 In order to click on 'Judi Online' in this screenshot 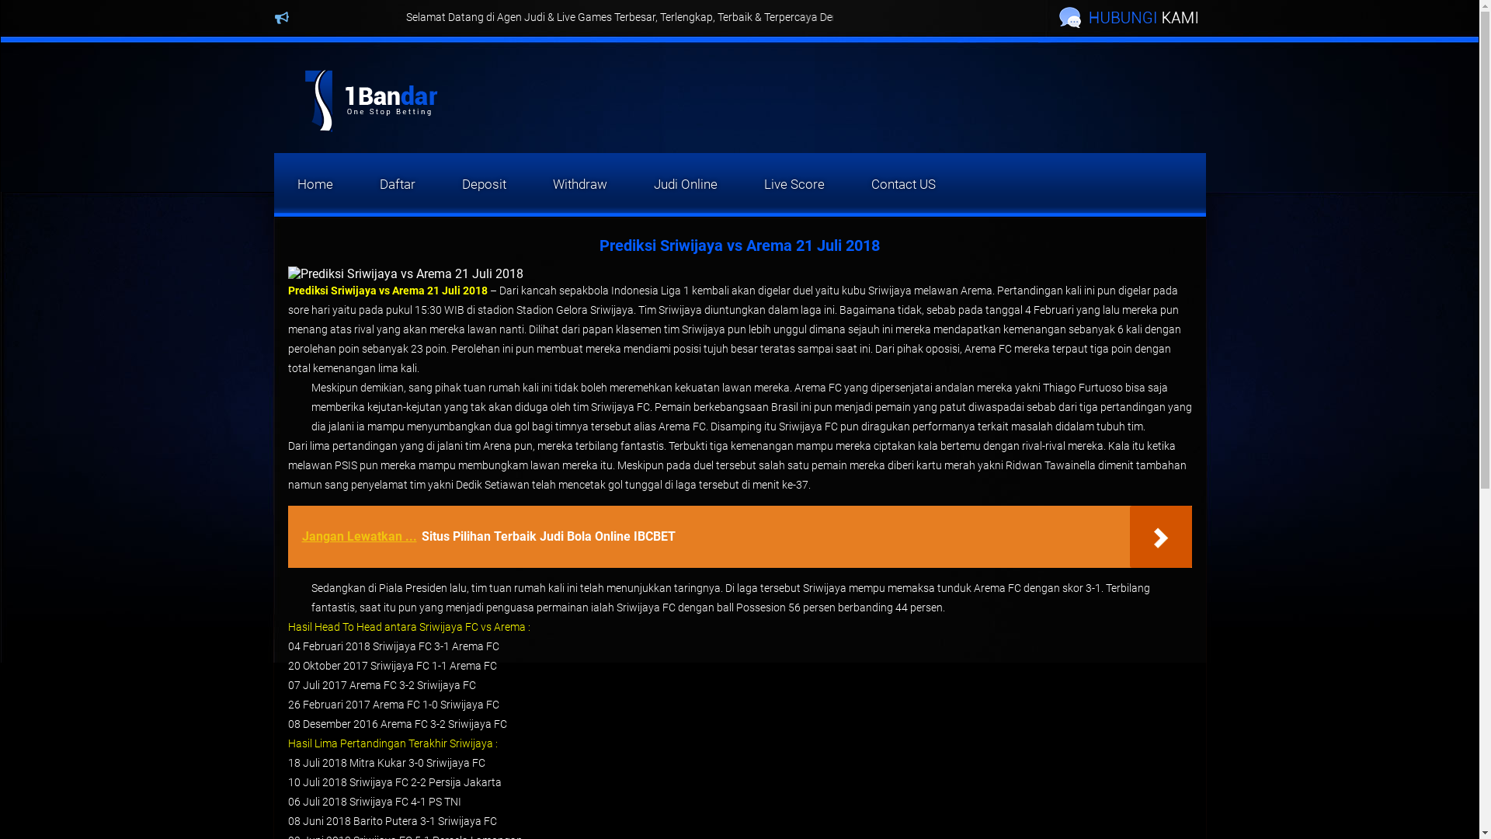, I will do `click(685, 183)`.